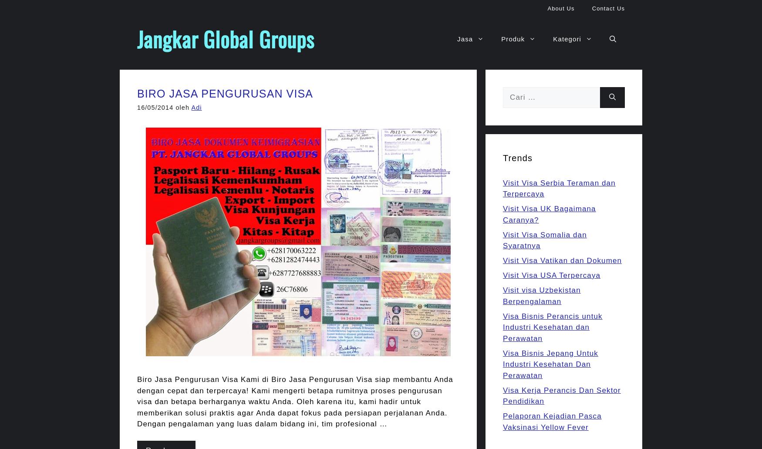 Image resolution: width=762 pixels, height=449 pixels. Describe the element at coordinates (502, 240) in the screenshot. I see `'Visit Visa Somalia dan Syaratnya'` at that location.